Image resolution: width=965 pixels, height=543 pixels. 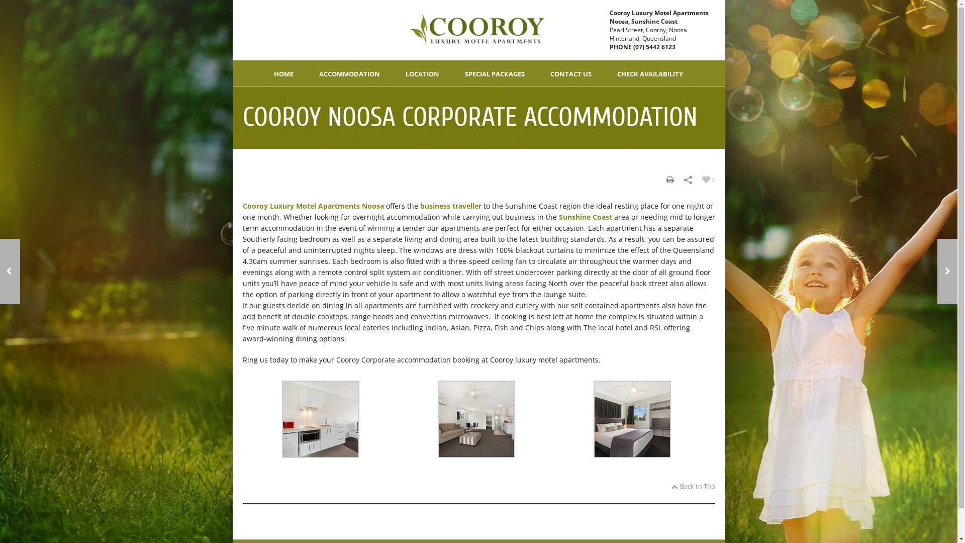 I want to click on 'CHECK AVAILABILITY', so click(x=650, y=73).